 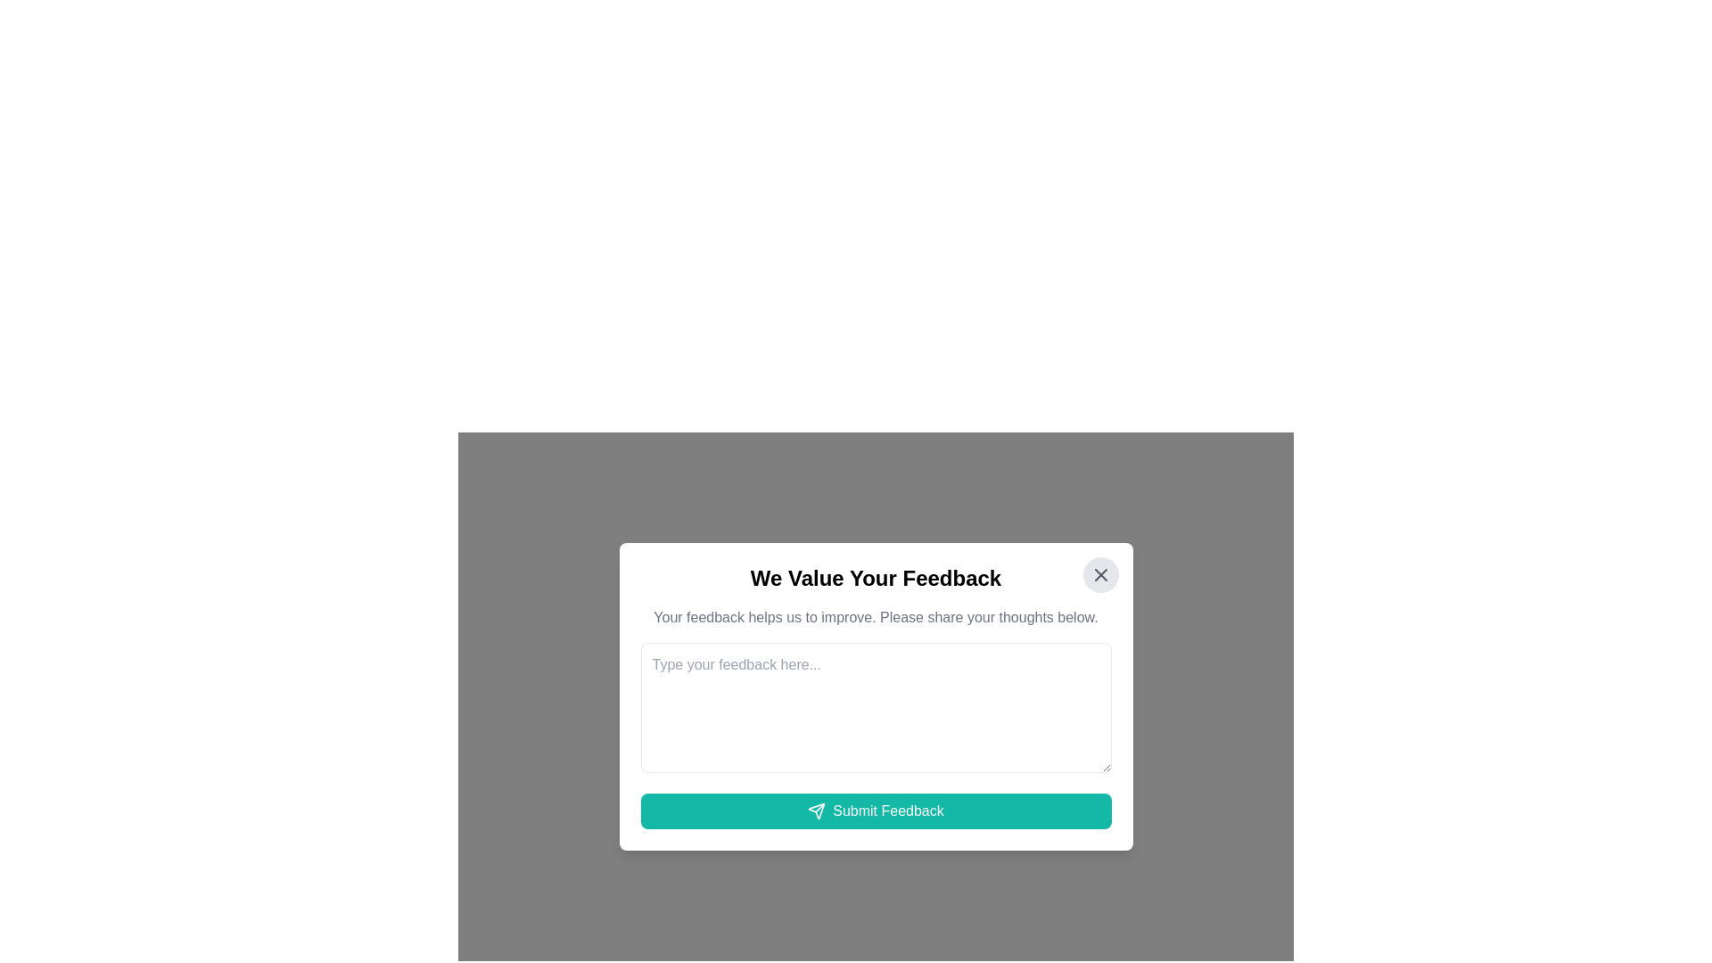 I want to click on the close button located at the top right corner of the dialog box, so click(x=1099, y=574).